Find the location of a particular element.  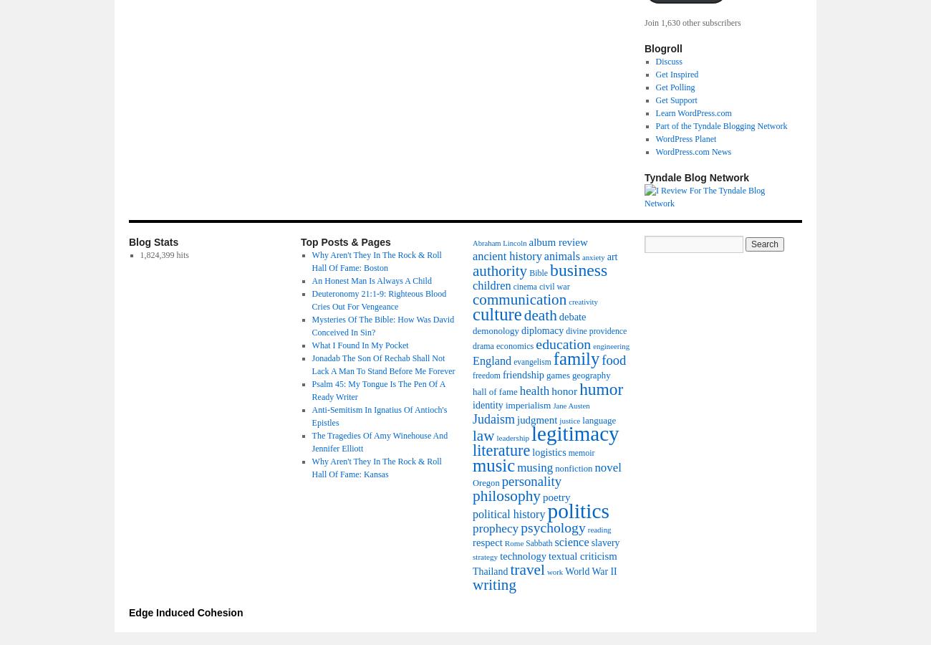

'communication' is located at coordinates (519, 299).